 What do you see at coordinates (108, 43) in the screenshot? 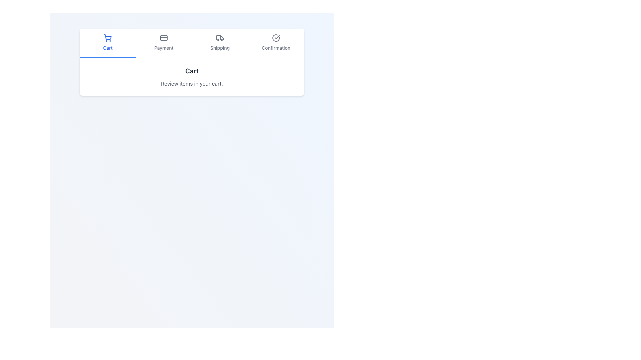
I see `the 'Cart' button in the navigation bar, which features a shopping cart icon and is highlighted in blue as the active item` at bounding box center [108, 43].